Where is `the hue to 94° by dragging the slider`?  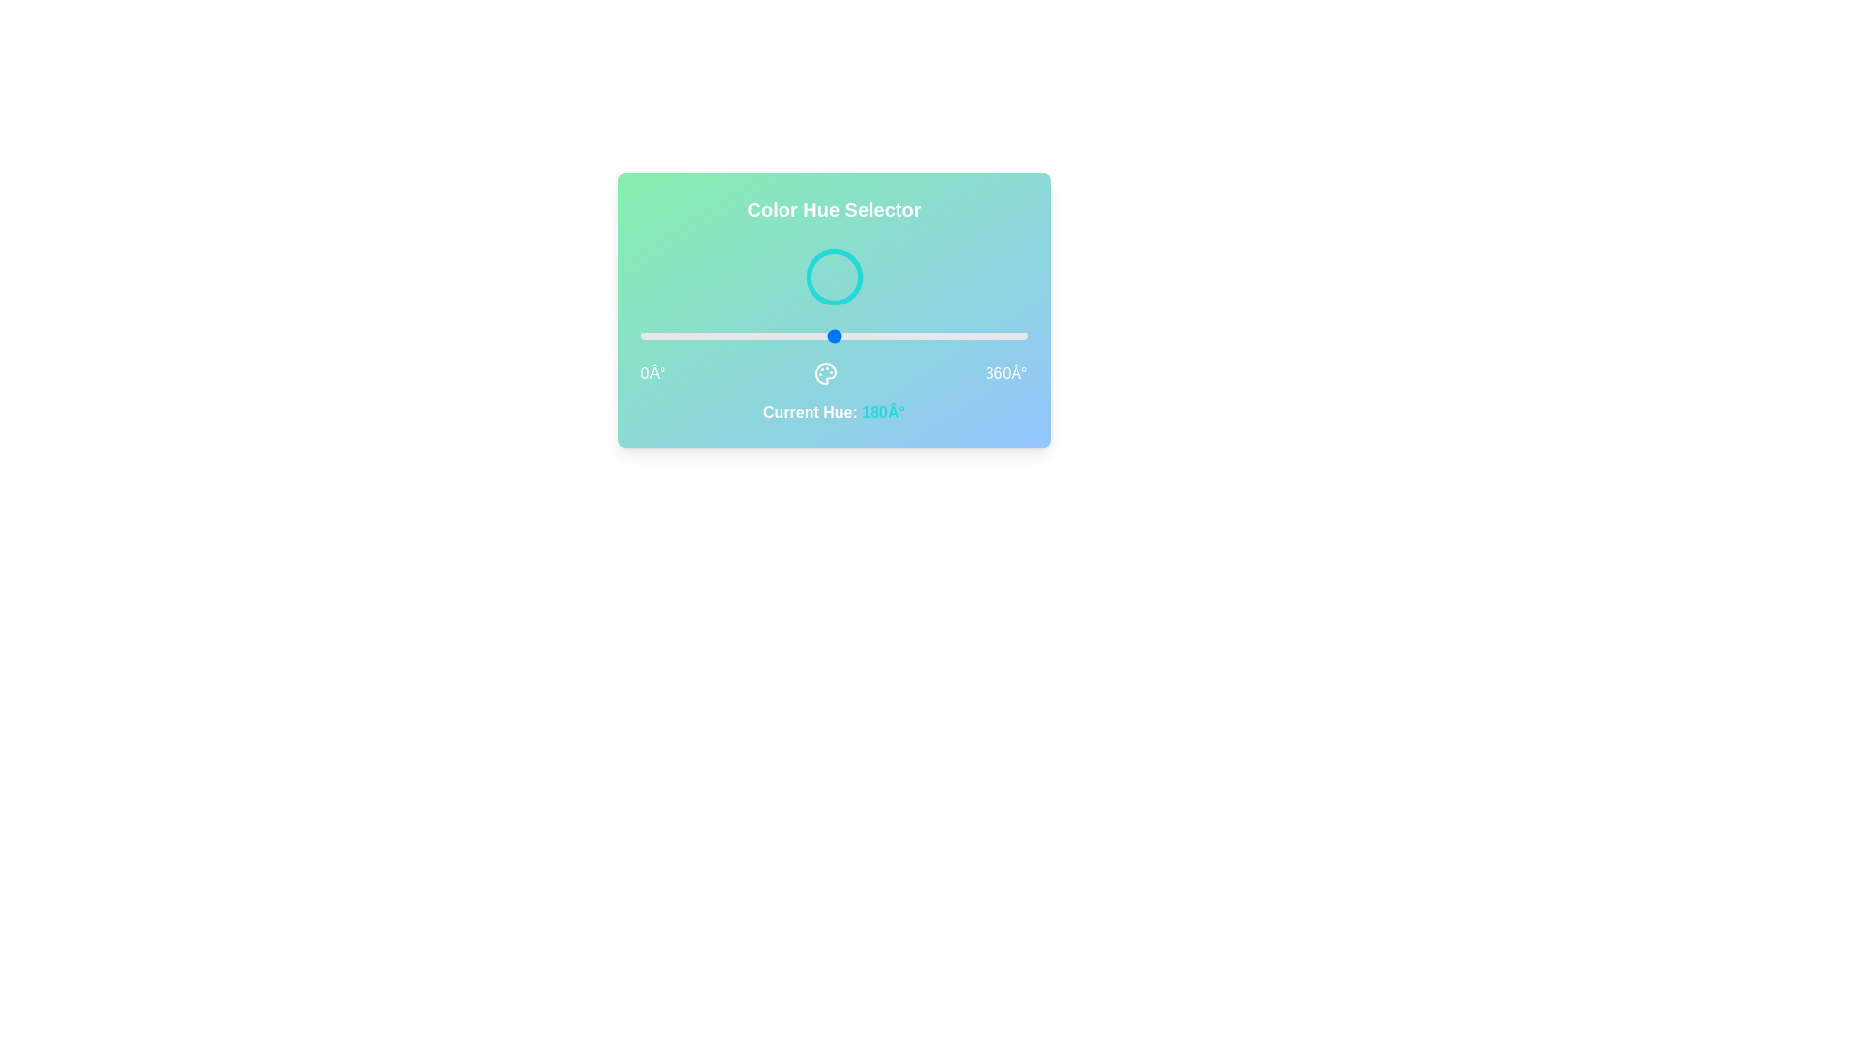 the hue to 94° by dragging the slider is located at coordinates (740, 334).